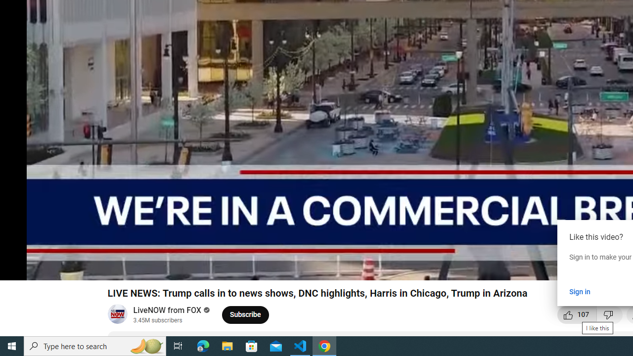 The width and height of the screenshot is (633, 356). Describe the element at coordinates (577, 314) in the screenshot. I see `'like this video along with 107 other people'` at that location.